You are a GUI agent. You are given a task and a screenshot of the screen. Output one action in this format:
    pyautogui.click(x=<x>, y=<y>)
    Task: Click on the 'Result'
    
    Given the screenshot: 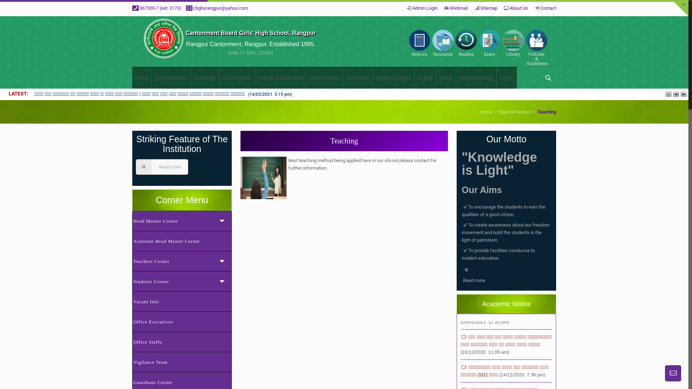 What is the action you would take?
    pyautogui.click(x=435, y=78)
    